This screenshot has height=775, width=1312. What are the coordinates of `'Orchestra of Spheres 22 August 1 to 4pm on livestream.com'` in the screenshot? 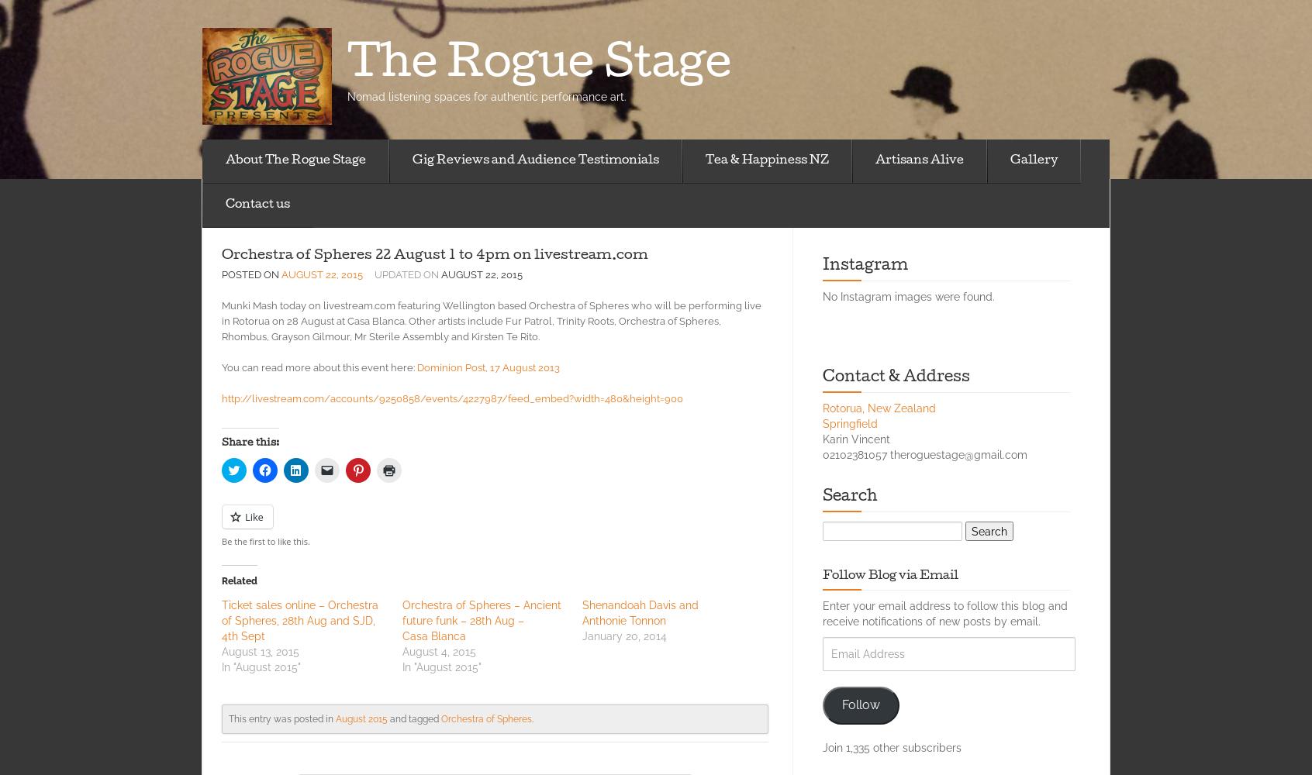 It's located at (220, 255).